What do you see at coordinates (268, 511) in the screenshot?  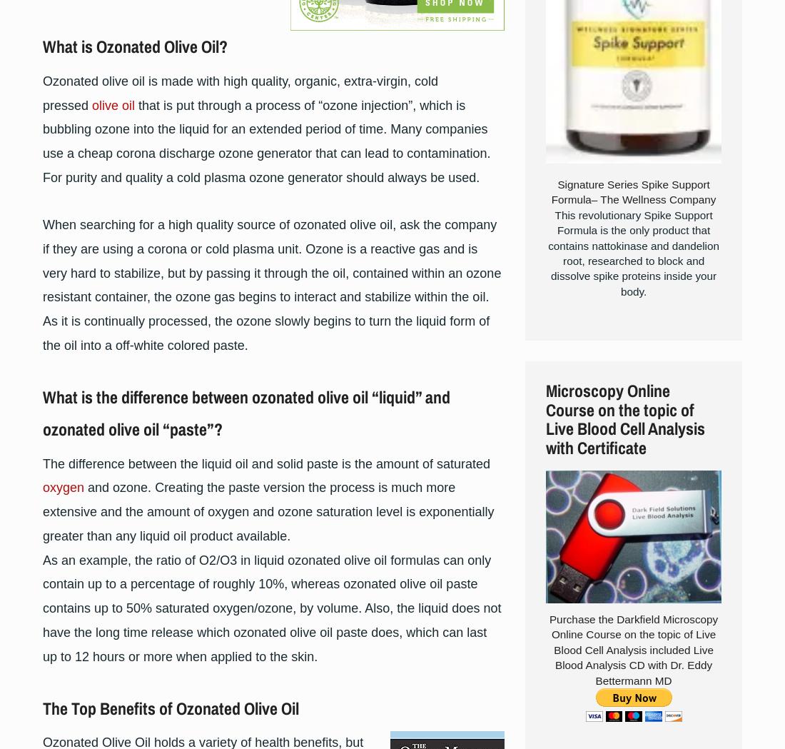 I see `'and ozone. Creating the paste version the process is much more extensive and the amount of oxygen and ozone saturation level is exponentially greater than any liquid oil product available.'` at bounding box center [268, 511].